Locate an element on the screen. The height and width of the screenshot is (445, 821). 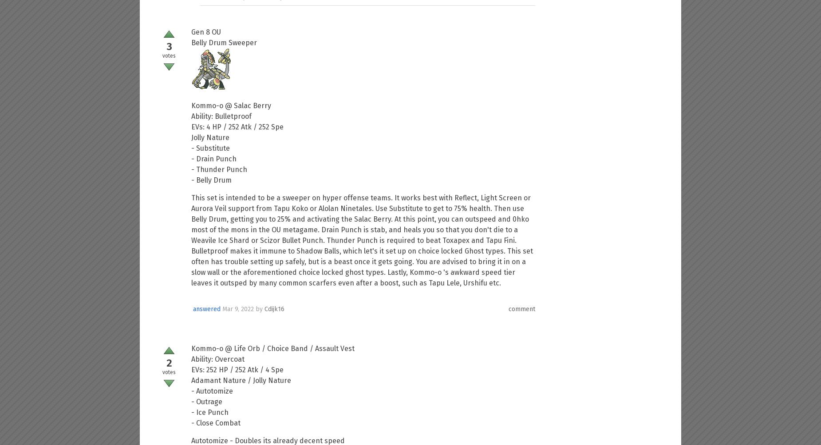
'by' is located at coordinates (260, 308).